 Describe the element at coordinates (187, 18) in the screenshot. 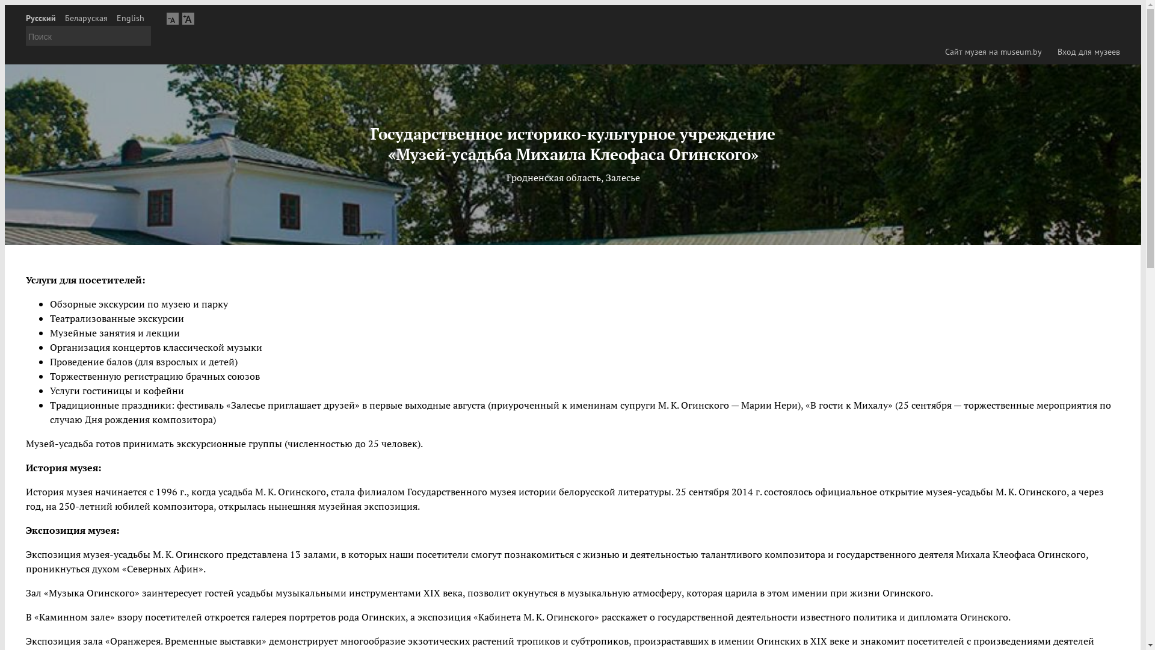

I see `'A'` at that location.